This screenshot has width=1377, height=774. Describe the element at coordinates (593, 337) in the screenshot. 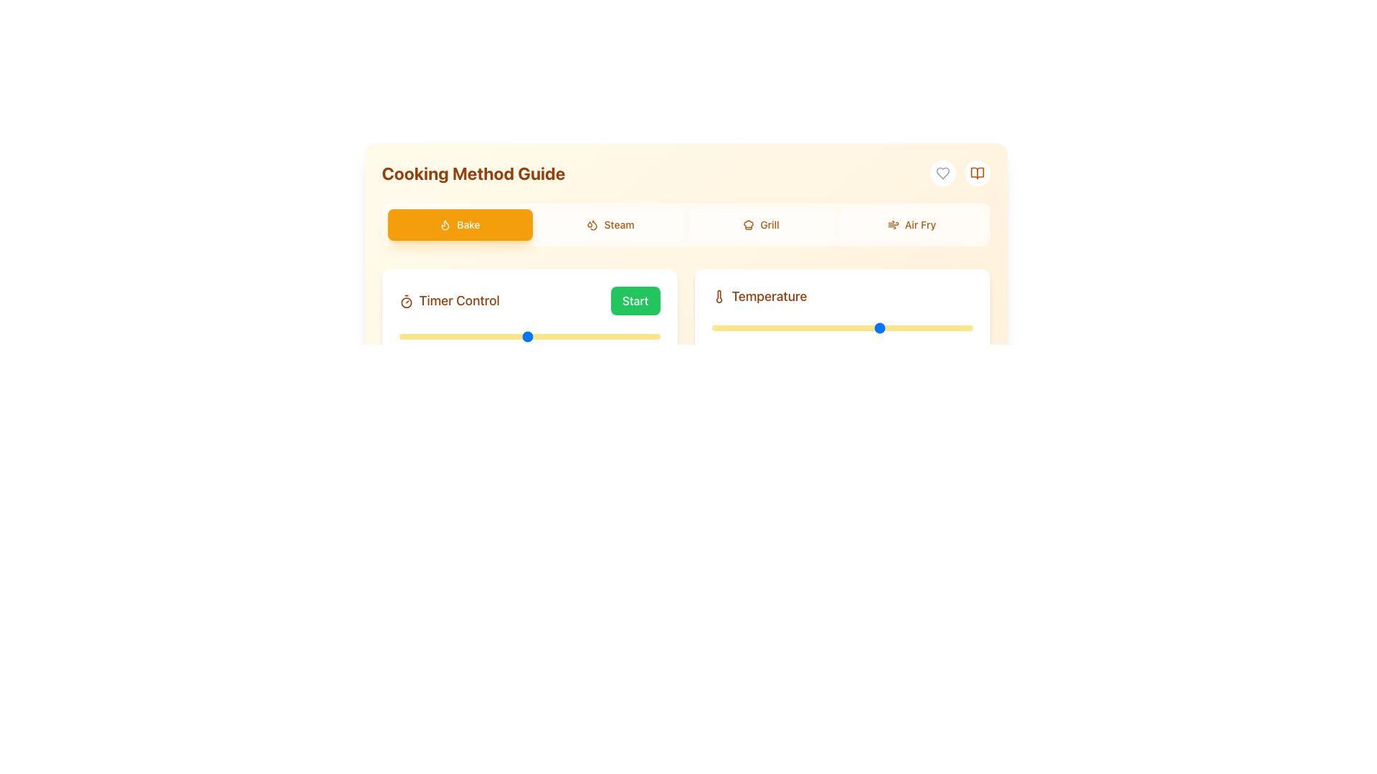

I see `the timer slider` at that location.